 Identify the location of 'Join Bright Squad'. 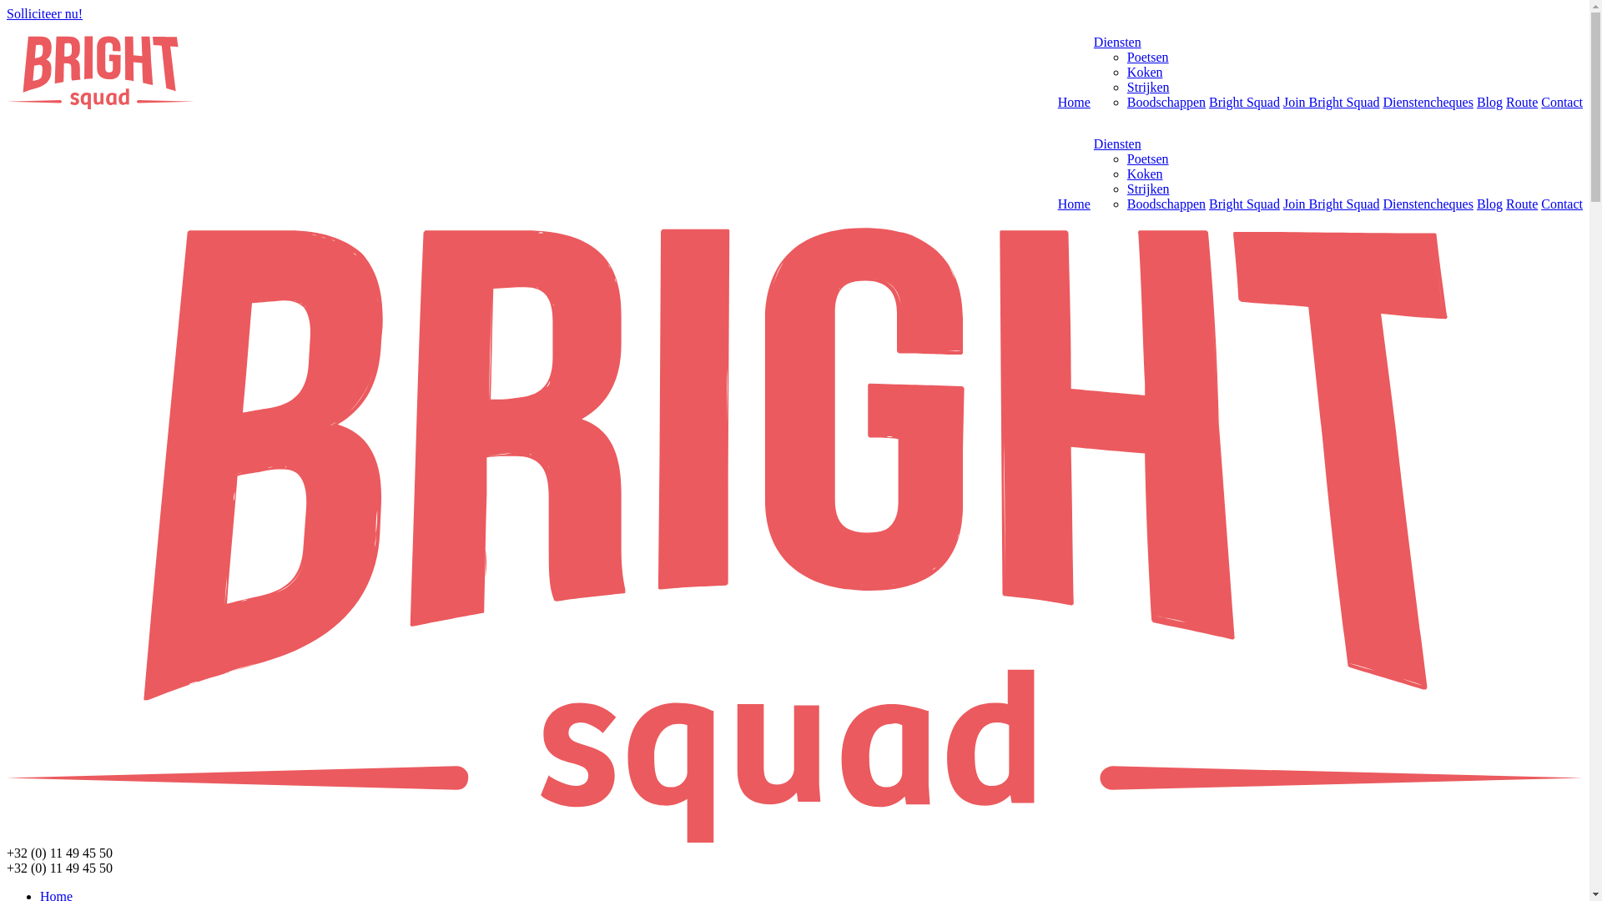
(1331, 203).